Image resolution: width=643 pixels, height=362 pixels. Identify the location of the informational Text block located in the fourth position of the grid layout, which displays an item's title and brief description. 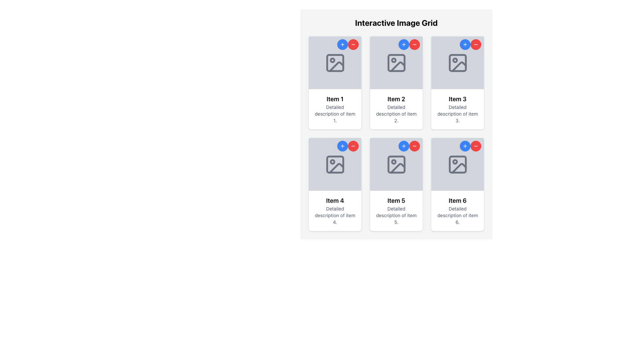
(335, 210).